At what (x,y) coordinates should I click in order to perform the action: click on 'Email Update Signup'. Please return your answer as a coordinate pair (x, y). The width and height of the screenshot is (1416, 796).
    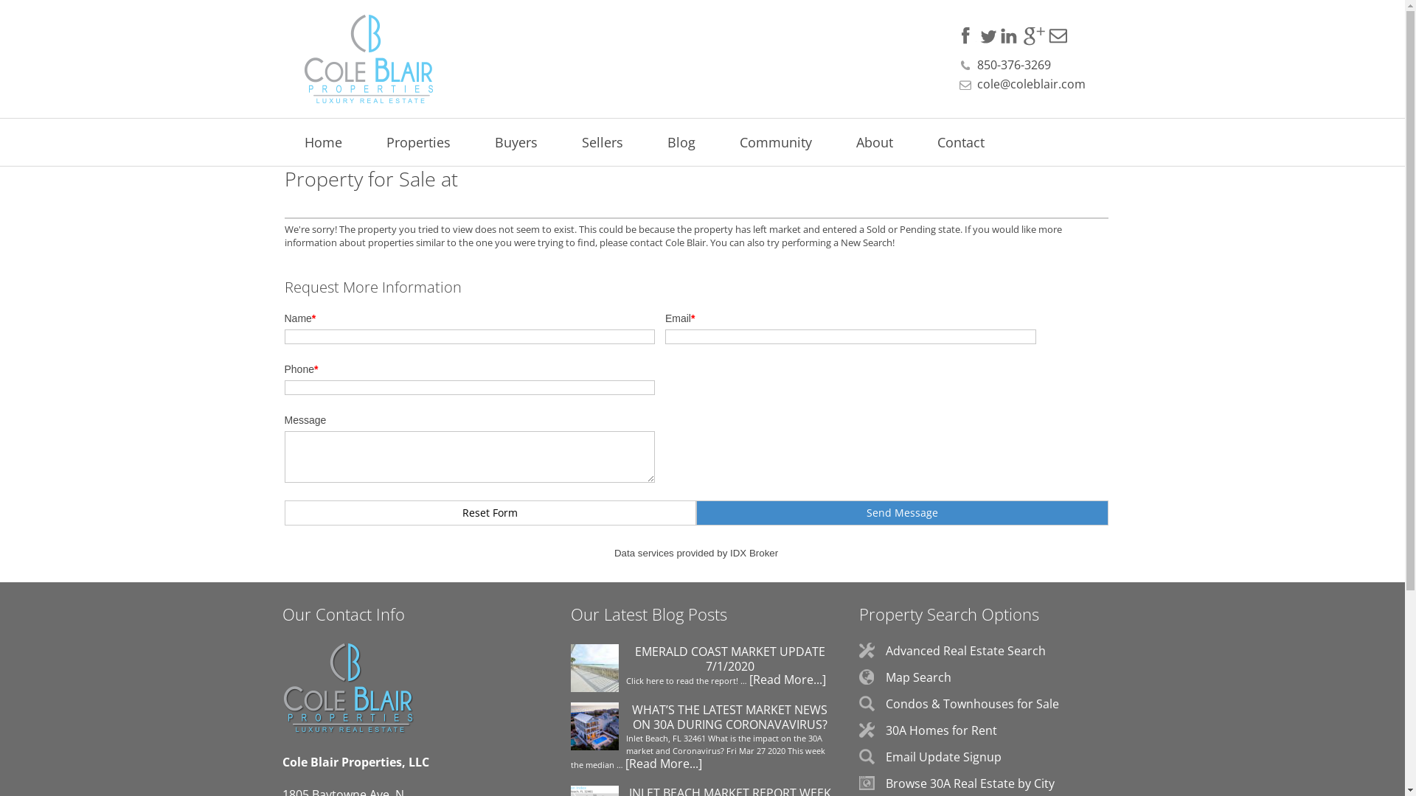
    Looking at the image, I should click on (943, 756).